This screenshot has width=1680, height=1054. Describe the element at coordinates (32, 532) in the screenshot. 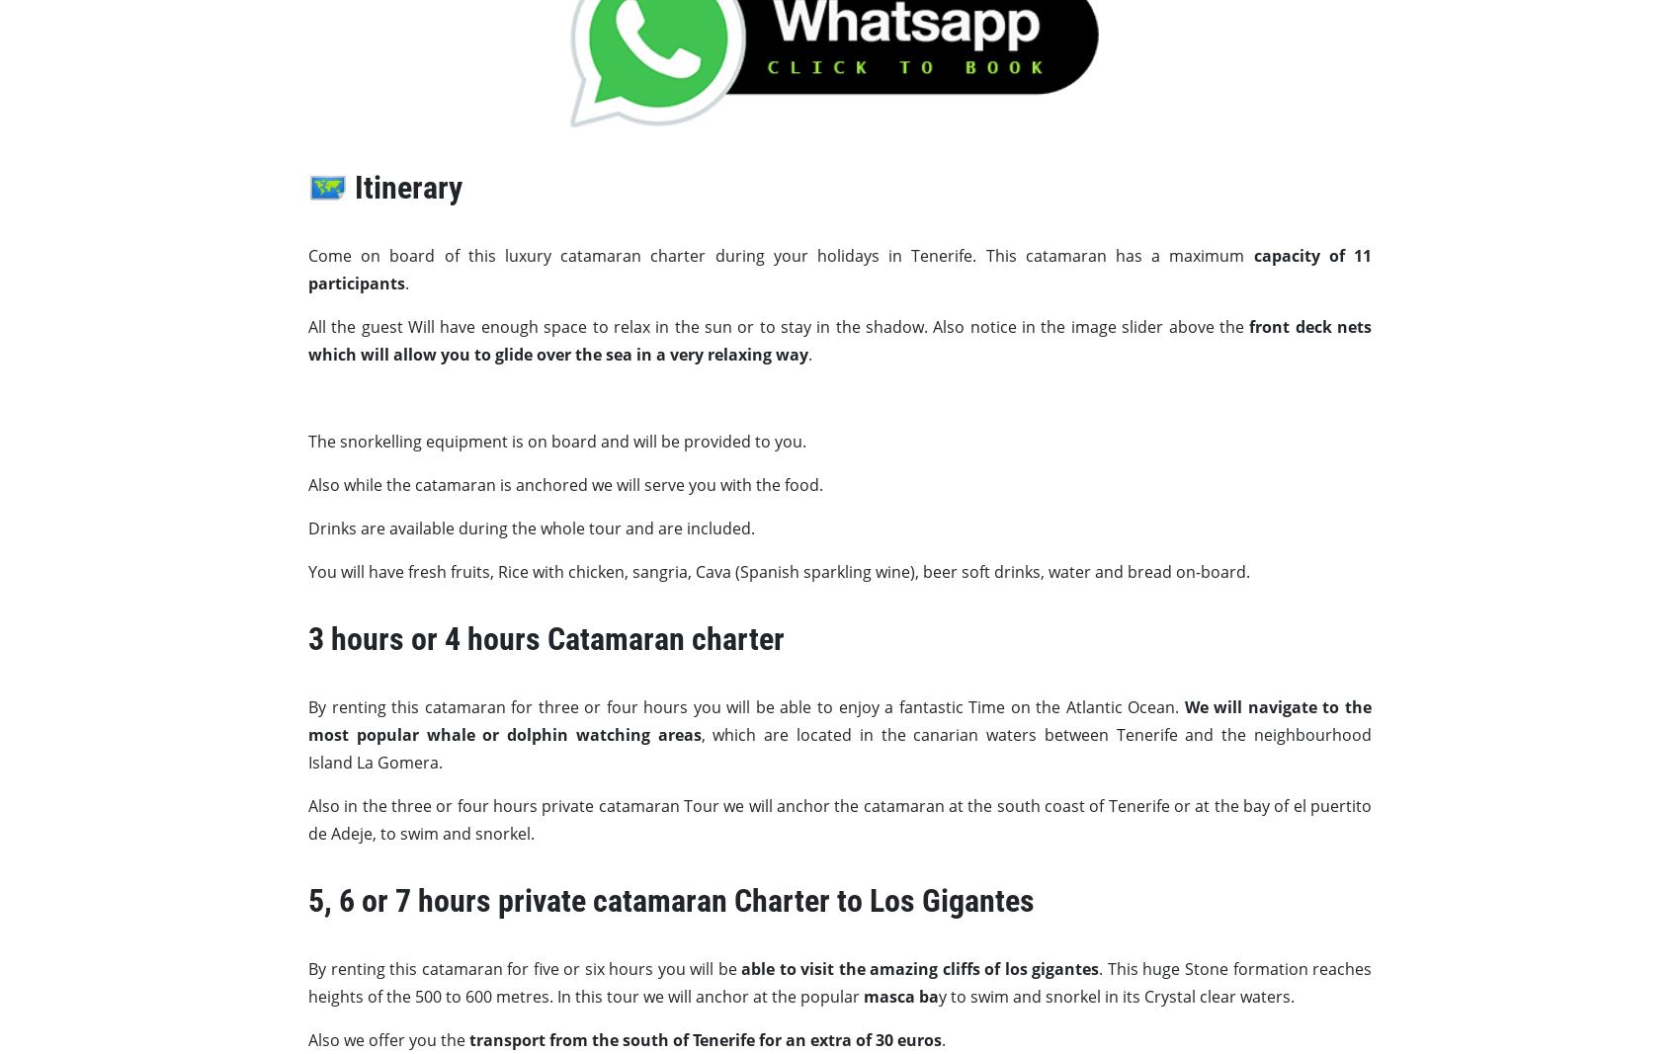

I see `'From'` at that location.